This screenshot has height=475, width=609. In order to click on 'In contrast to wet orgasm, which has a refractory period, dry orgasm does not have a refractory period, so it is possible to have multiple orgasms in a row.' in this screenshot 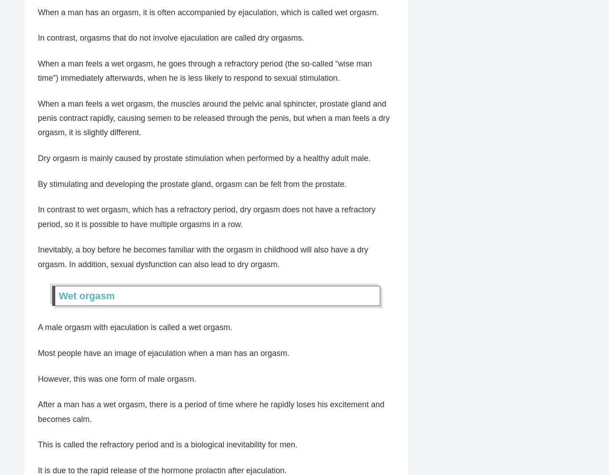, I will do `click(37, 216)`.